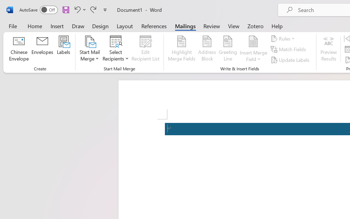 Image resolution: width=350 pixels, height=219 pixels. I want to click on 'Edit Recipient List...', so click(145, 49).